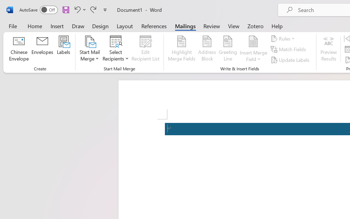 Image resolution: width=350 pixels, height=219 pixels. I want to click on 'Edit Recipient List...', so click(145, 49).